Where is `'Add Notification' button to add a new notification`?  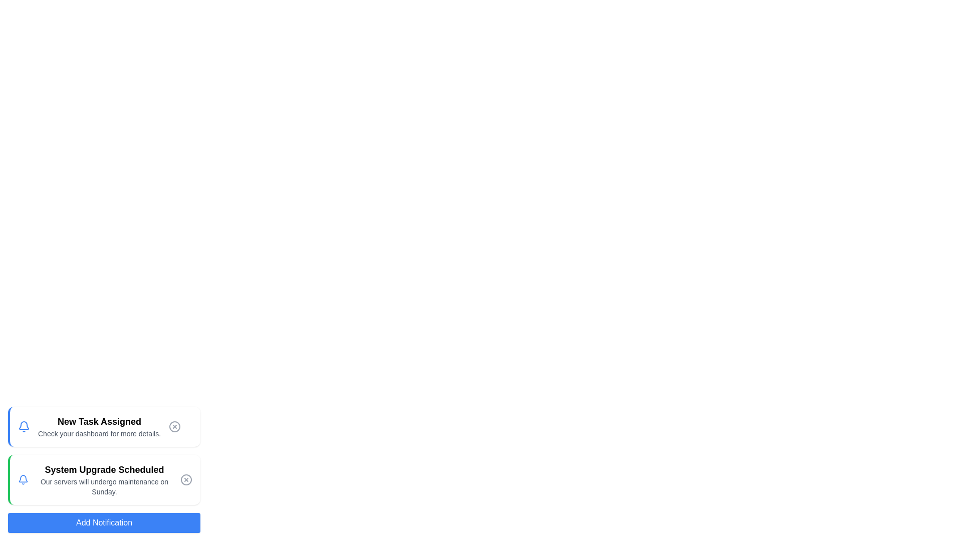
'Add Notification' button to add a new notification is located at coordinates (104, 522).